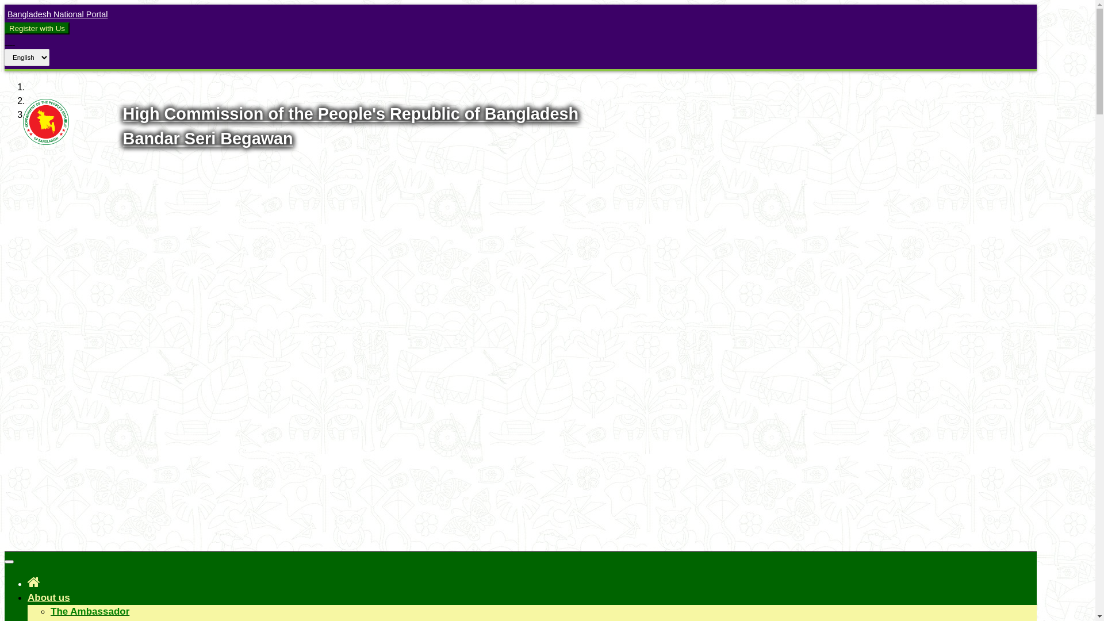 The width and height of the screenshot is (1104, 621). I want to click on 'Register with Us', so click(9, 28).